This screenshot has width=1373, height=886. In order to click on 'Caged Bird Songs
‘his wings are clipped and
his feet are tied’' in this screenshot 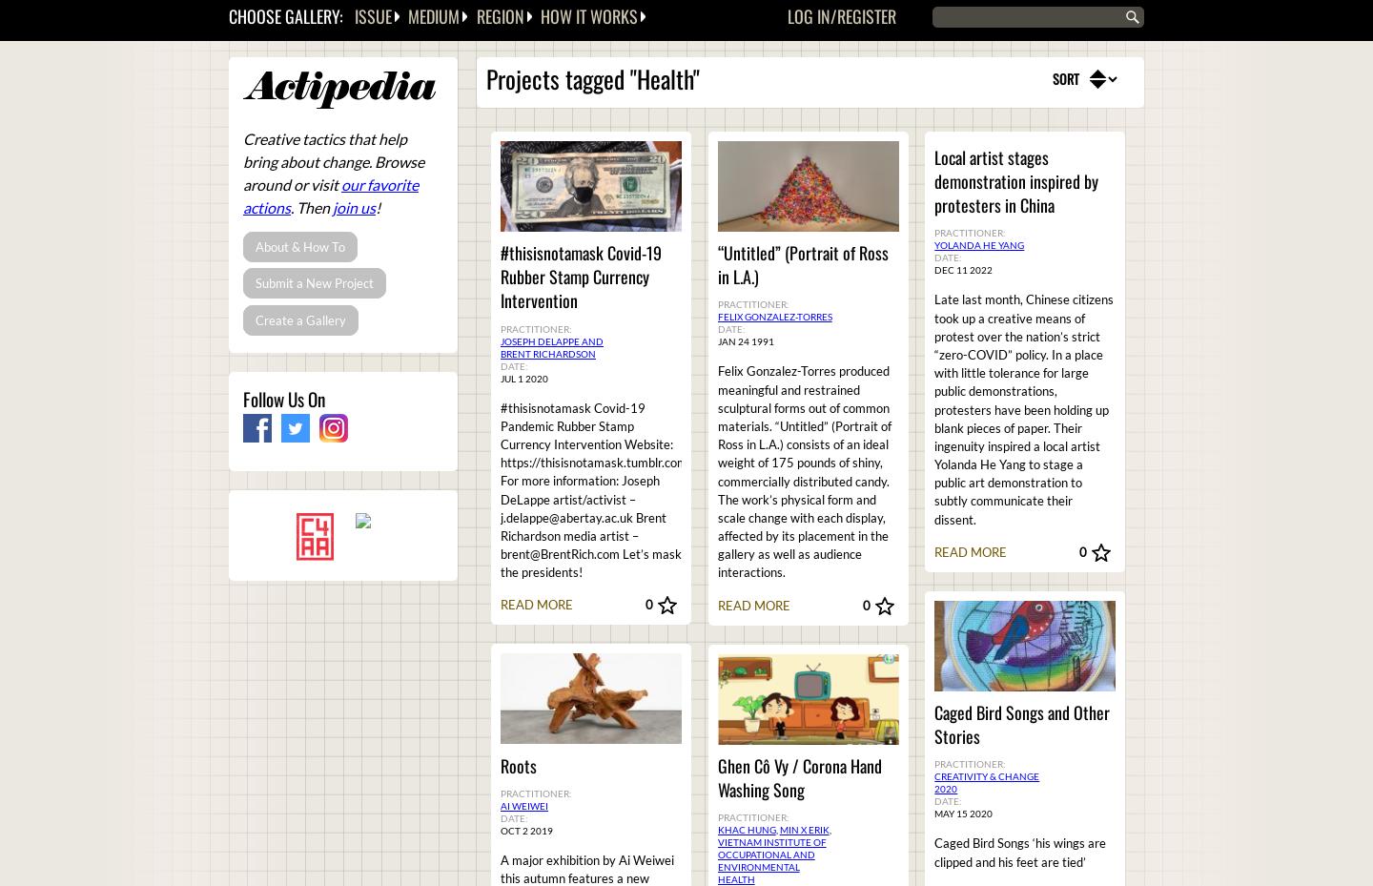, I will do `click(1020, 852)`.